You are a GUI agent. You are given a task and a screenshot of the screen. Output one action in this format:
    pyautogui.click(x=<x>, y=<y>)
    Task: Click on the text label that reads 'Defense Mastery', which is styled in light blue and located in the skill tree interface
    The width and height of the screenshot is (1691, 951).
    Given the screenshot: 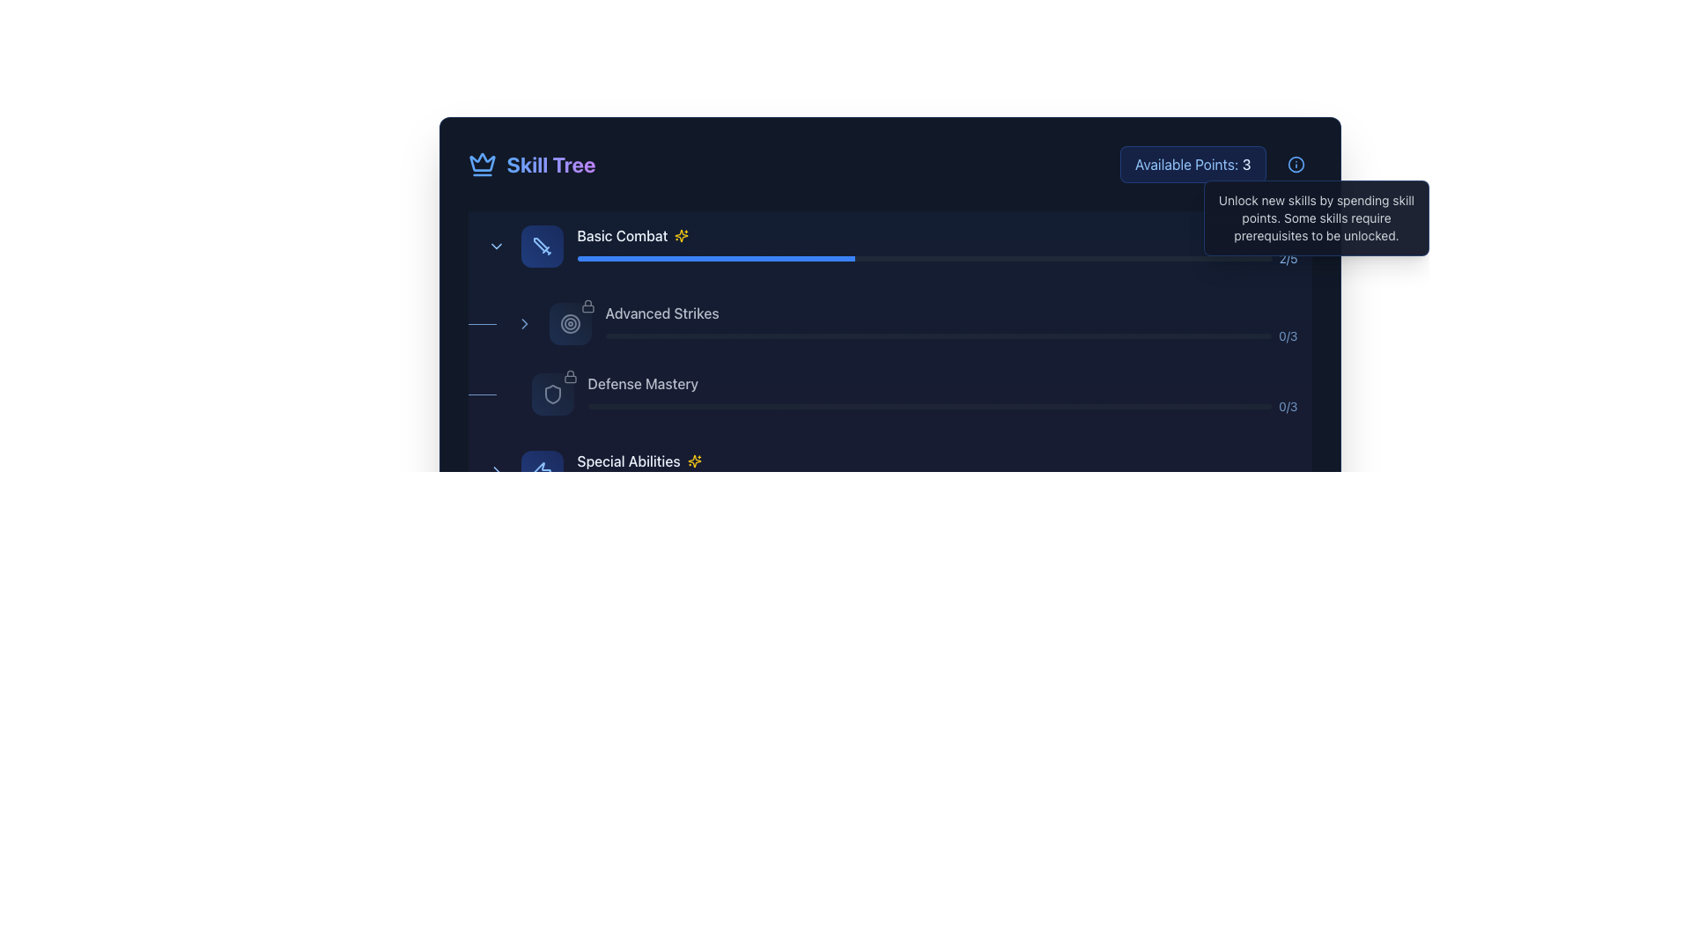 What is the action you would take?
    pyautogui.click(x=642, y=382)
    